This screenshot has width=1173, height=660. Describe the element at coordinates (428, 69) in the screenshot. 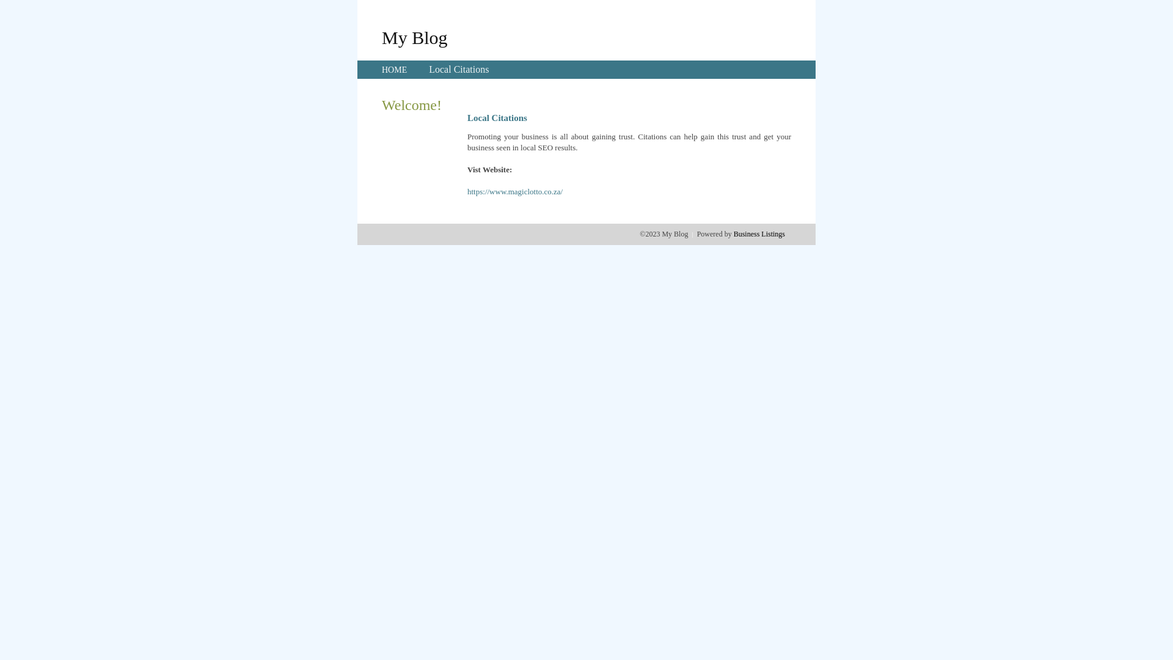

I see `'Local Citations'` at that location.